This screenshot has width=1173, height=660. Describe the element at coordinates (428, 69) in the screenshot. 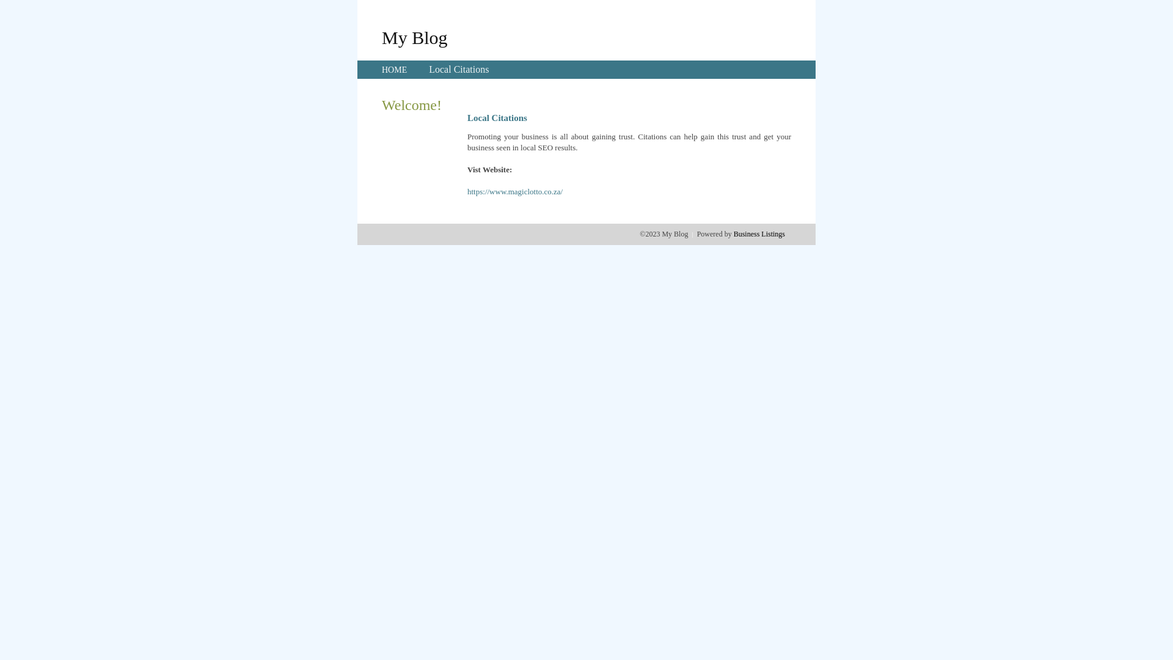

I see `'Local Citations'` at that location.